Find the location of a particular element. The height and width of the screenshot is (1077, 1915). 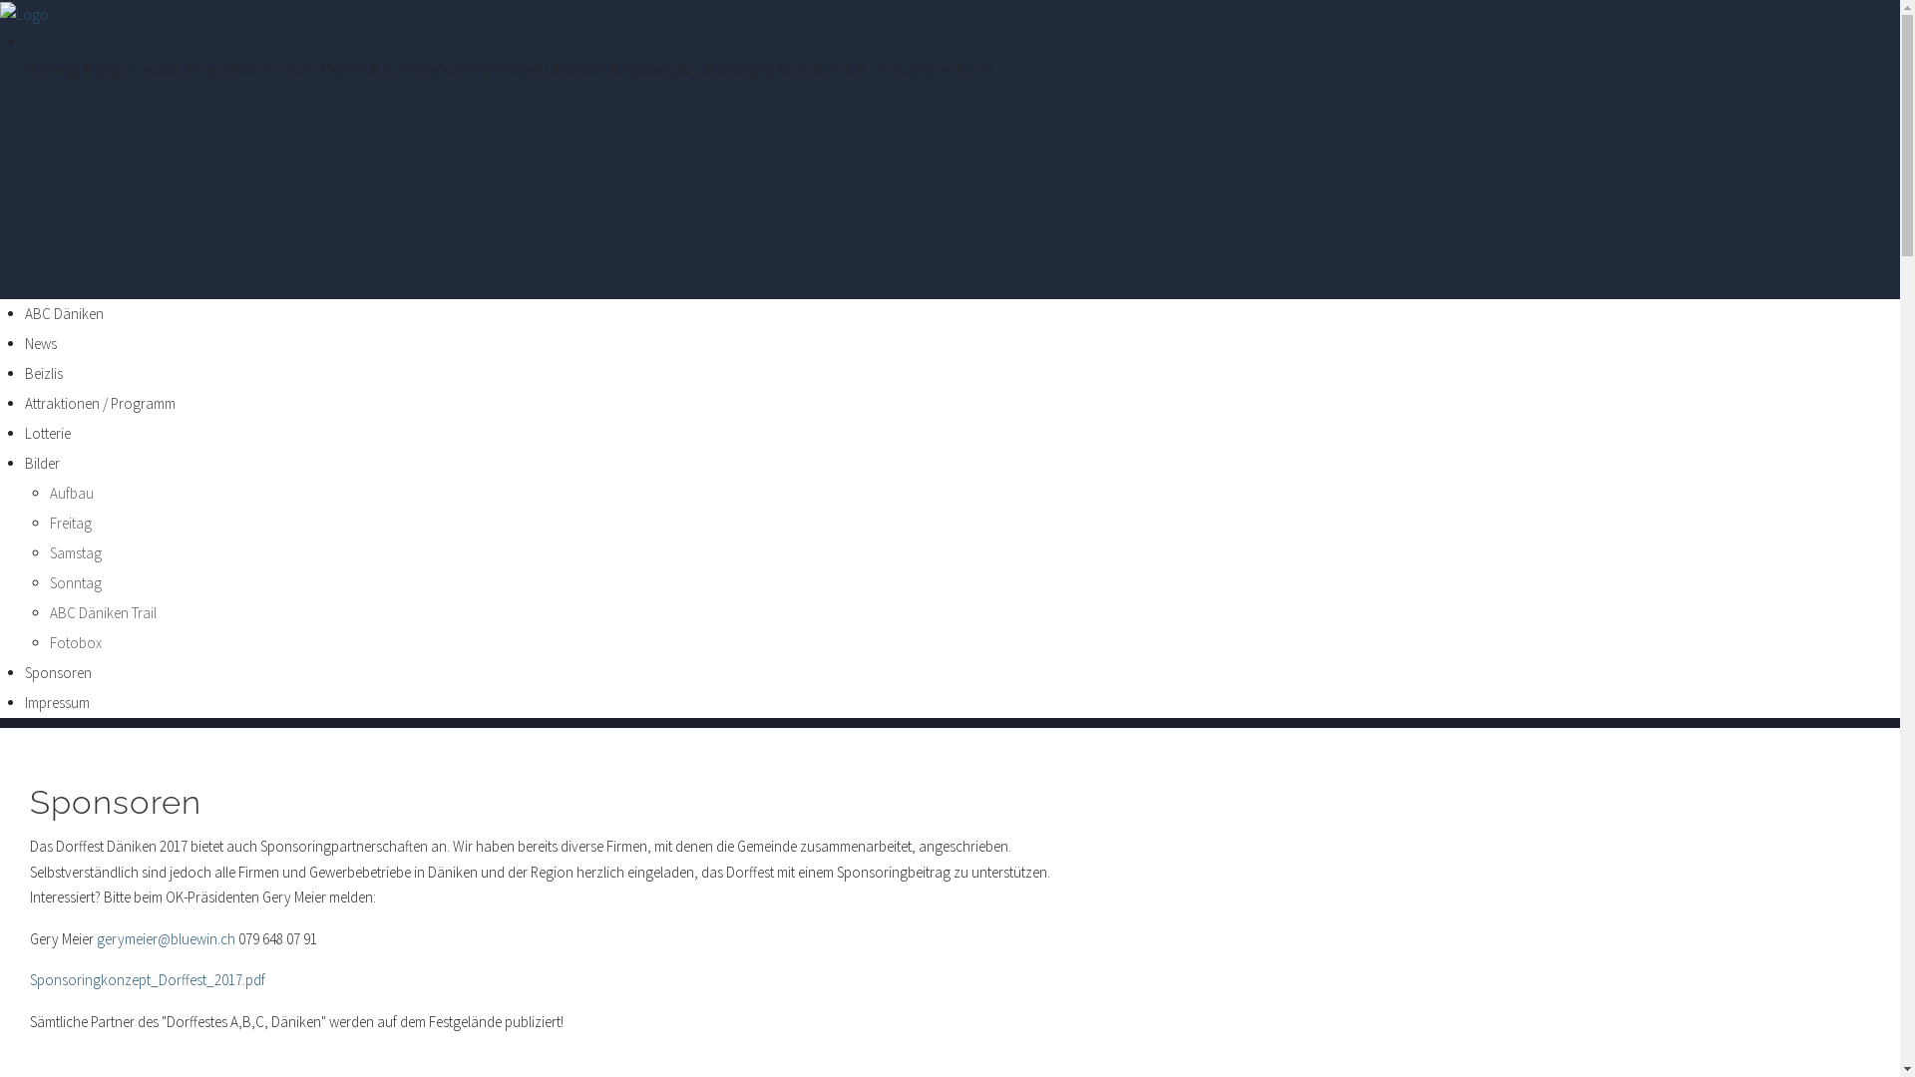

'Aufbau' is located at coordinates (49, 493).